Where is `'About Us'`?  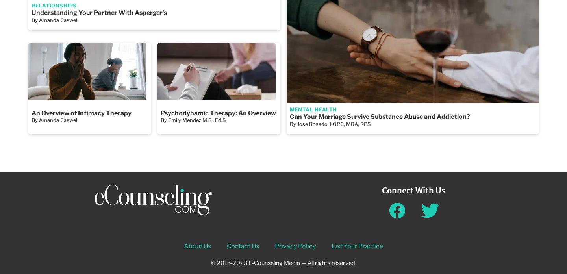 'About Us' is located at coordinates (197, 245).